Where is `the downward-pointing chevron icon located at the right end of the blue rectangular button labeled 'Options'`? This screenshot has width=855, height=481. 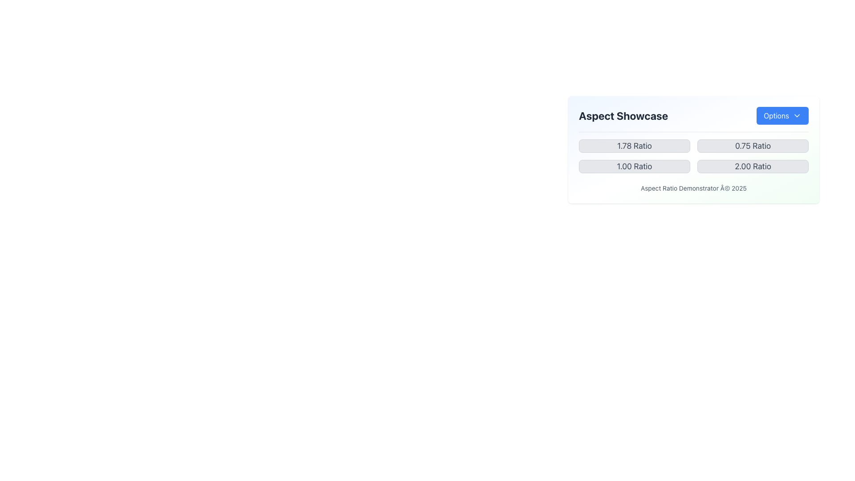 the downward-pointing chevron icon located at the right end of the blue rectangular button labeled 'Options' is located at coordinates (797, 115).